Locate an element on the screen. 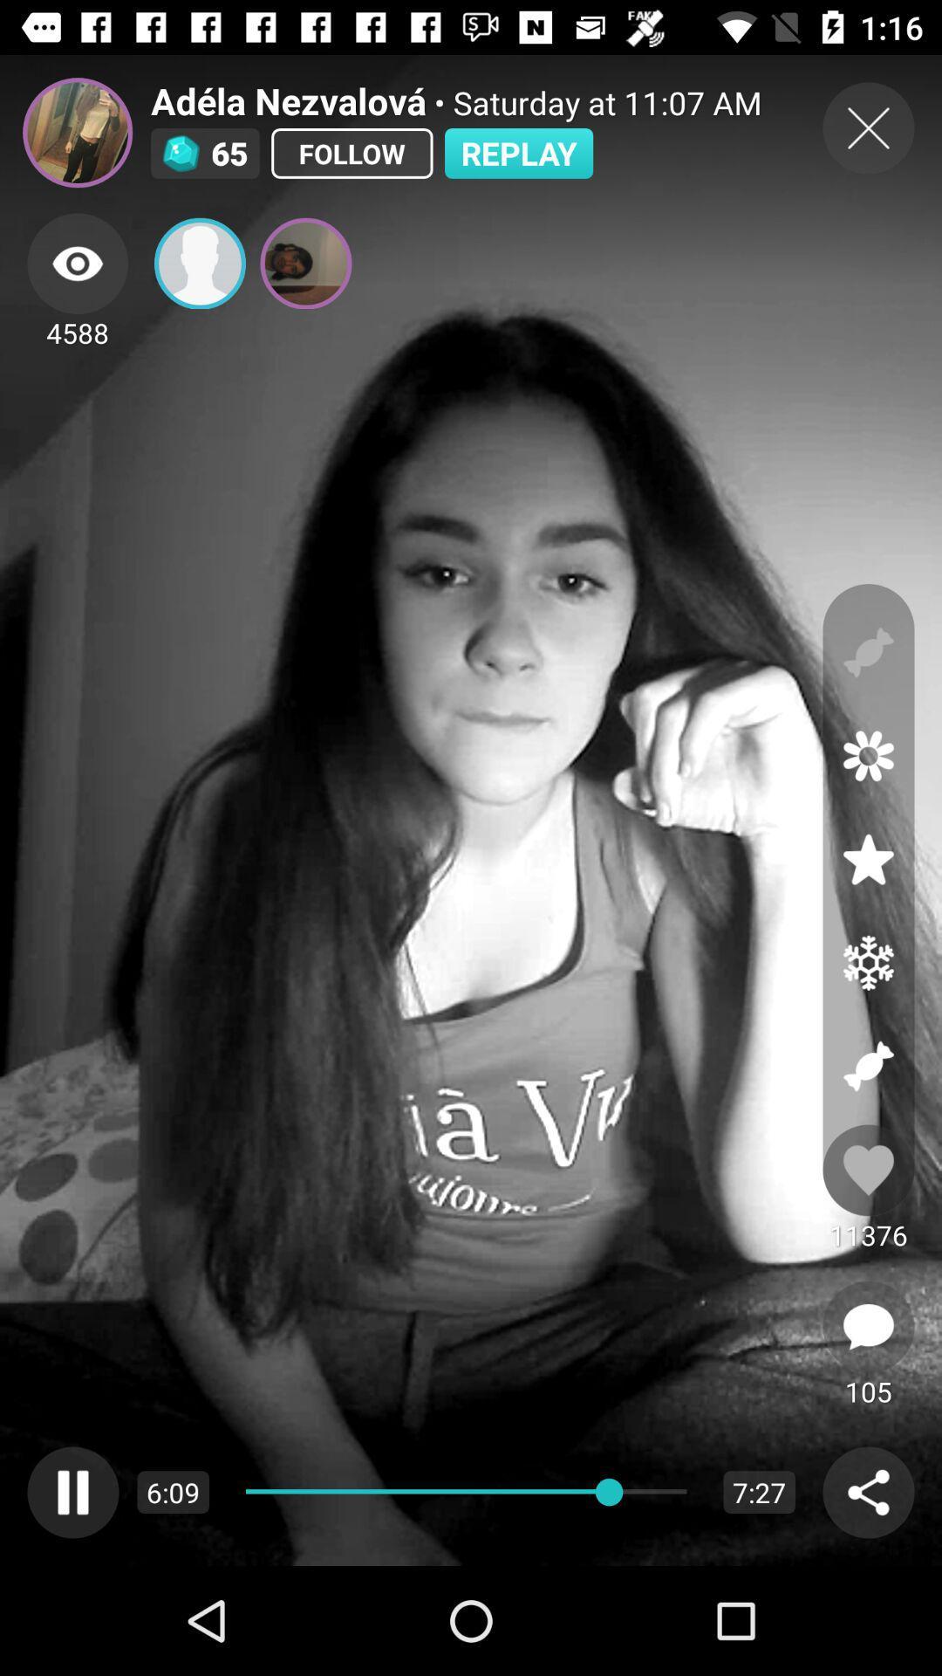 The image size is (942, 1676). the star icon is located at coordinates (868, 859).